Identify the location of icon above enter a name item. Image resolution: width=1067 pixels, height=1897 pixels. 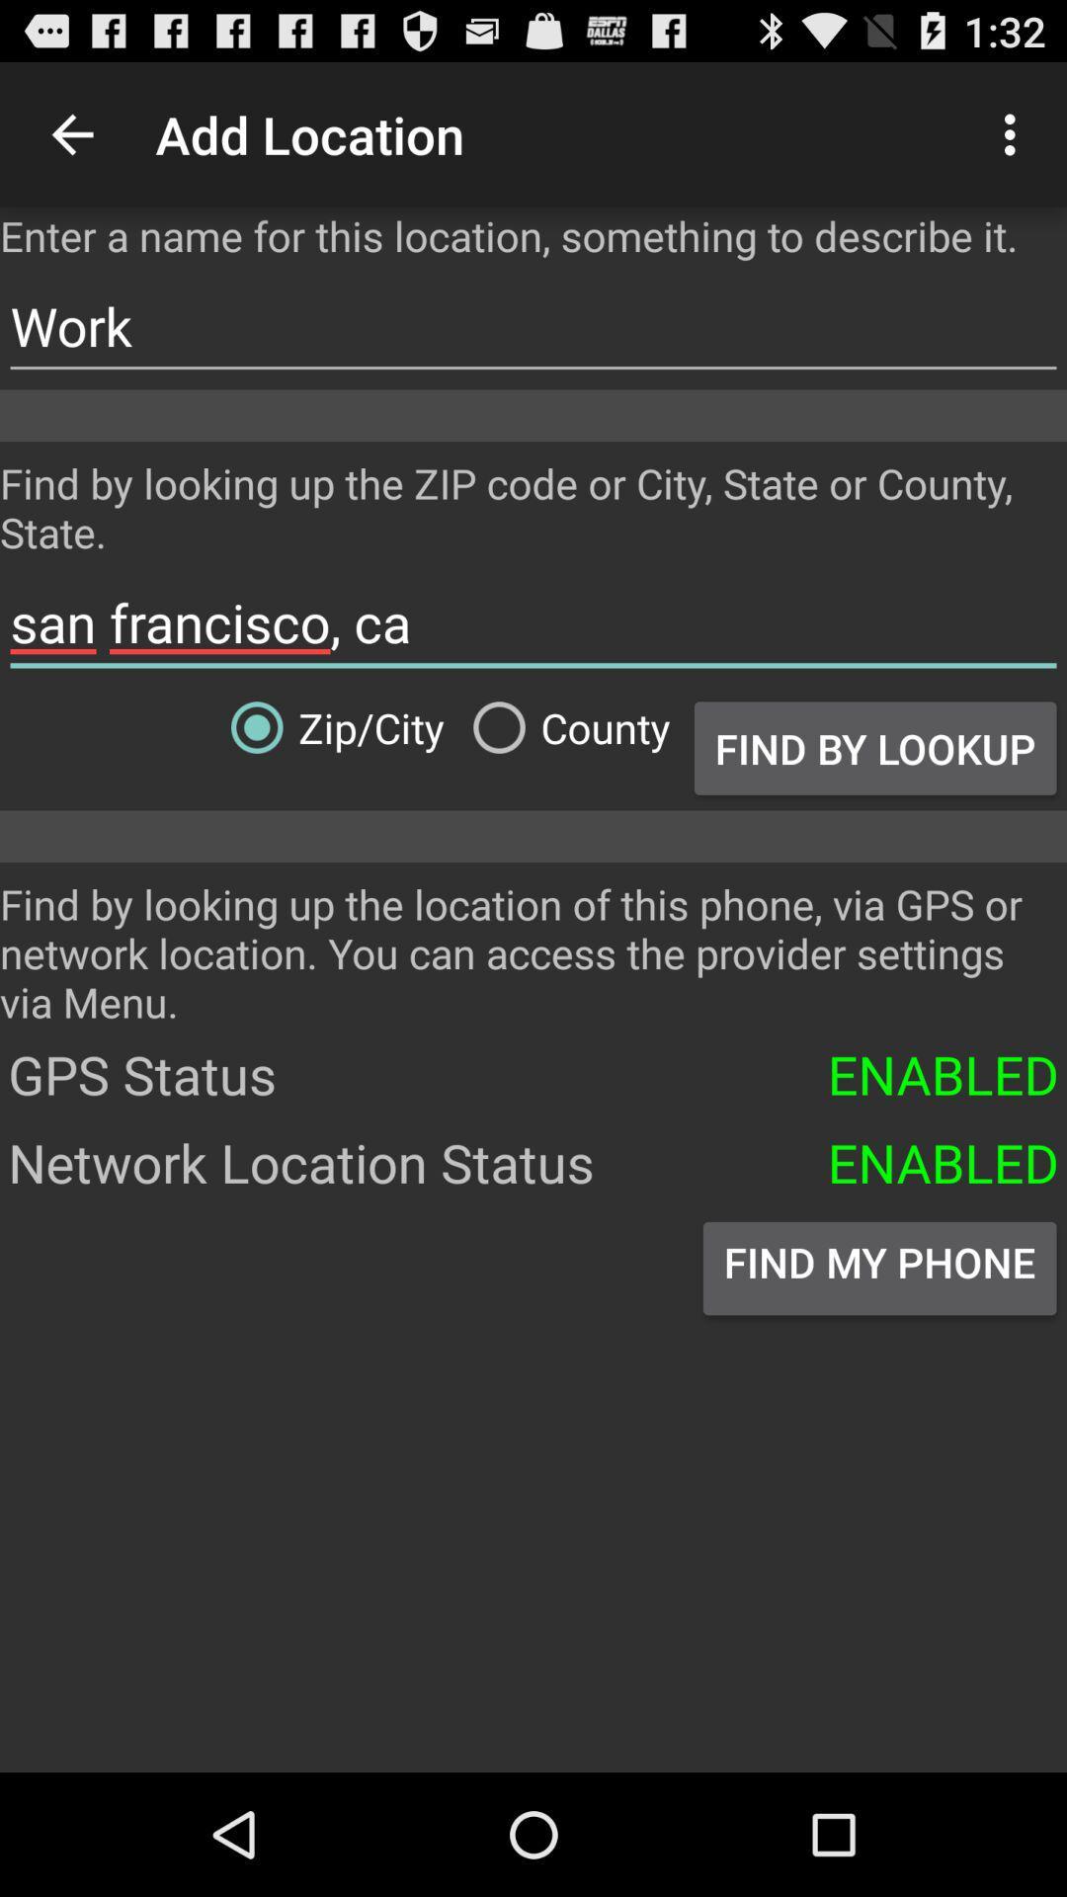
(71, 133).